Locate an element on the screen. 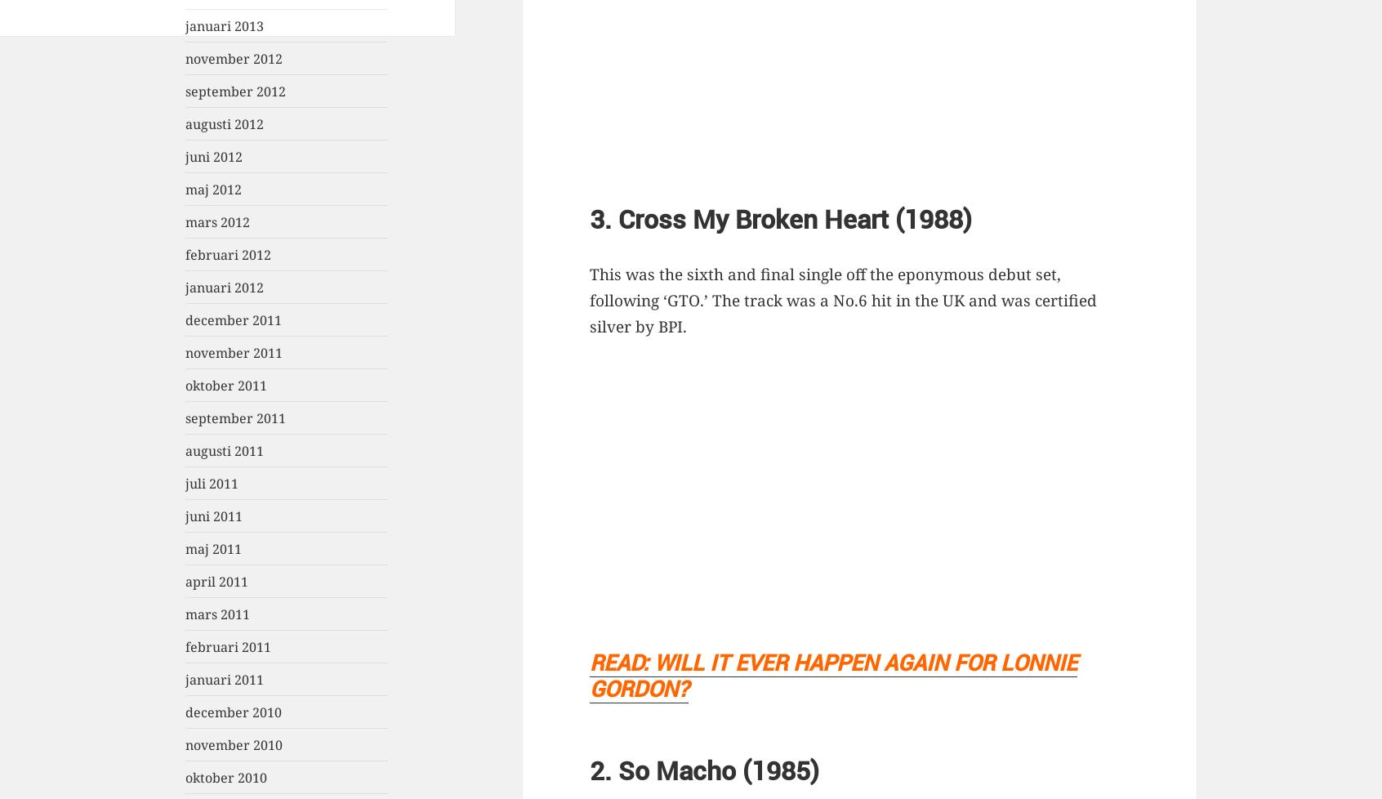  '2. So Macho (1985)' is located at coordinates (703, 769).